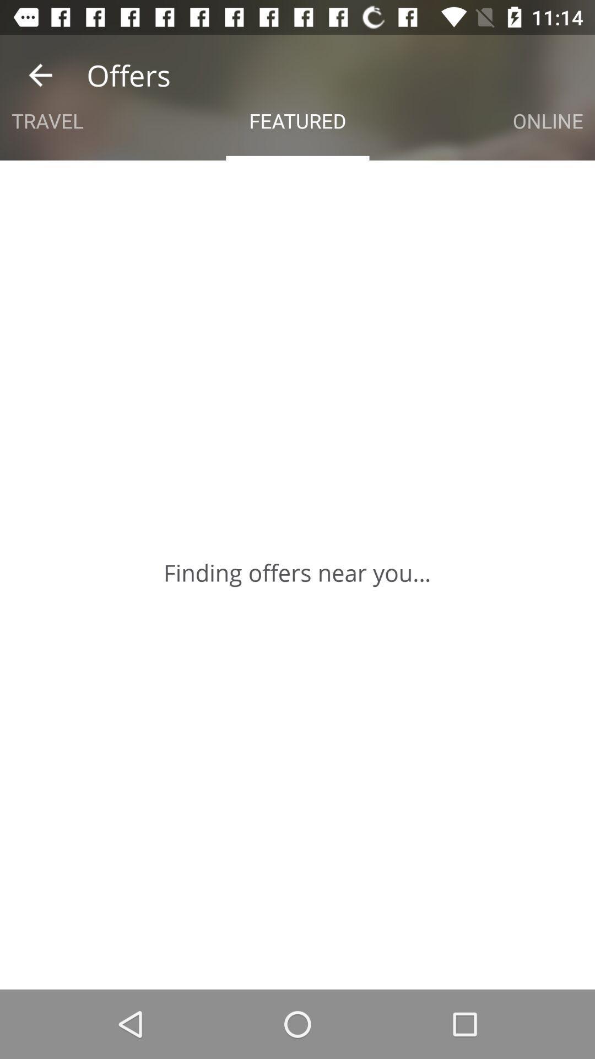  I want to click on the travel, so click(47, 121).